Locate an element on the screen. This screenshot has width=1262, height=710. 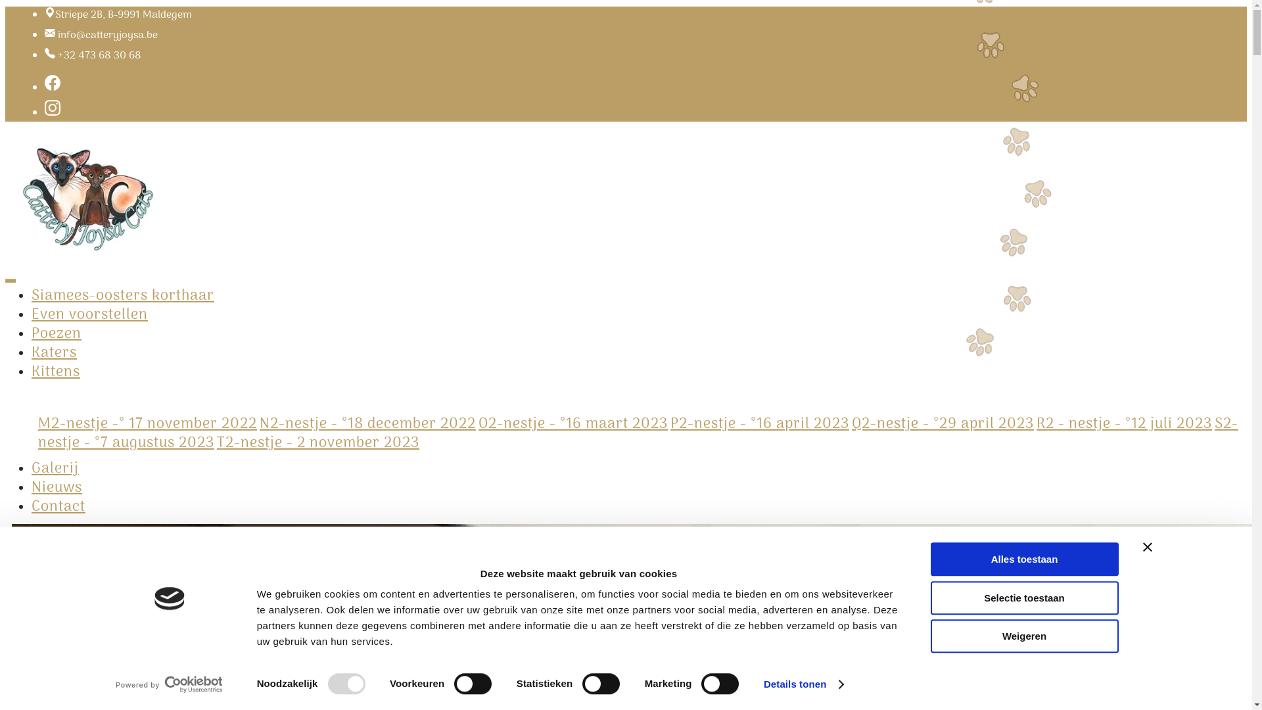
'Kittens' is located at coordinates (55, 372).